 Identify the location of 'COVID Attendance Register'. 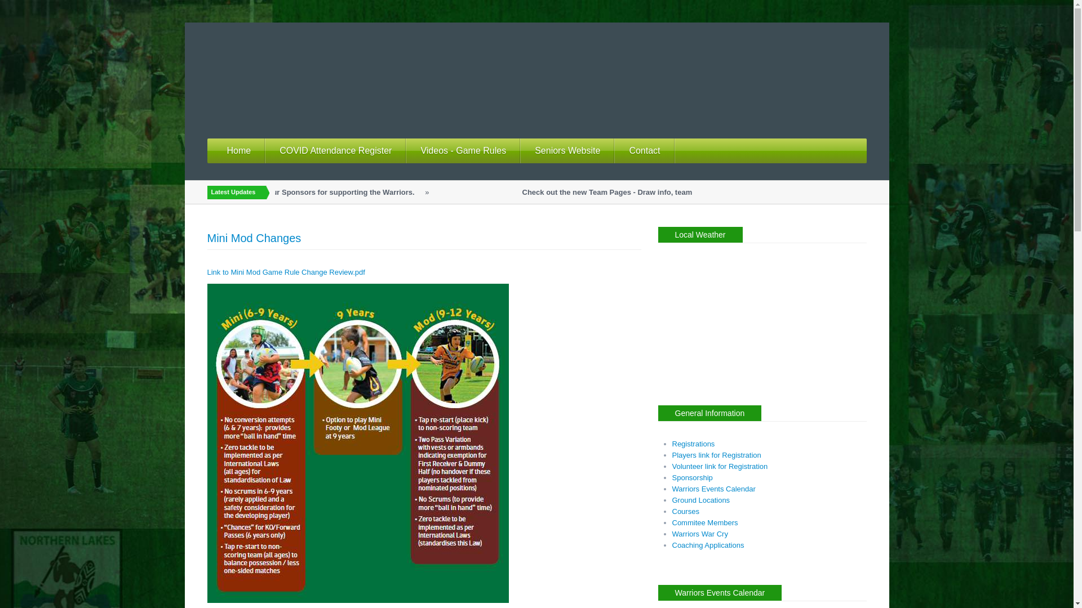
(264, 150).